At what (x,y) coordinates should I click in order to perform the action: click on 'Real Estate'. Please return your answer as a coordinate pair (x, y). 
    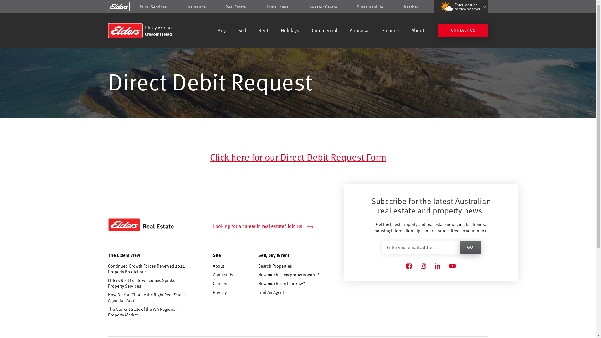
    Looking at the image, I should click on (225, 7).